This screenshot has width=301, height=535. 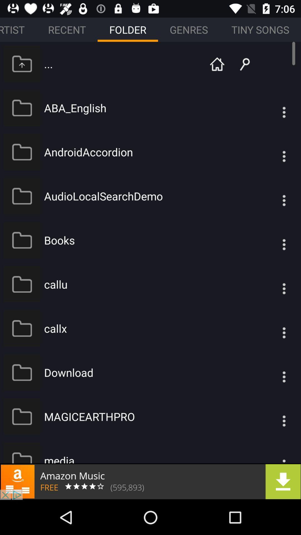 What do you see at coordinates (240, 64) in the screenshot?
I see `search folders` at bounding box center [240, 64].